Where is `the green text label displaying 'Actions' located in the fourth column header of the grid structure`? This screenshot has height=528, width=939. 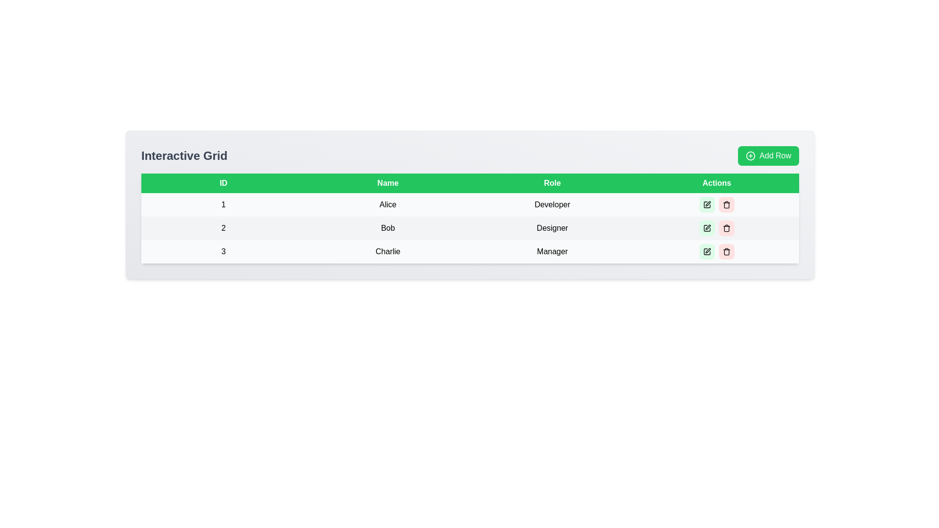
the green text label displaying 'Actions' located in the fourth column header of the grid structure is located at coordinates (716, 183).